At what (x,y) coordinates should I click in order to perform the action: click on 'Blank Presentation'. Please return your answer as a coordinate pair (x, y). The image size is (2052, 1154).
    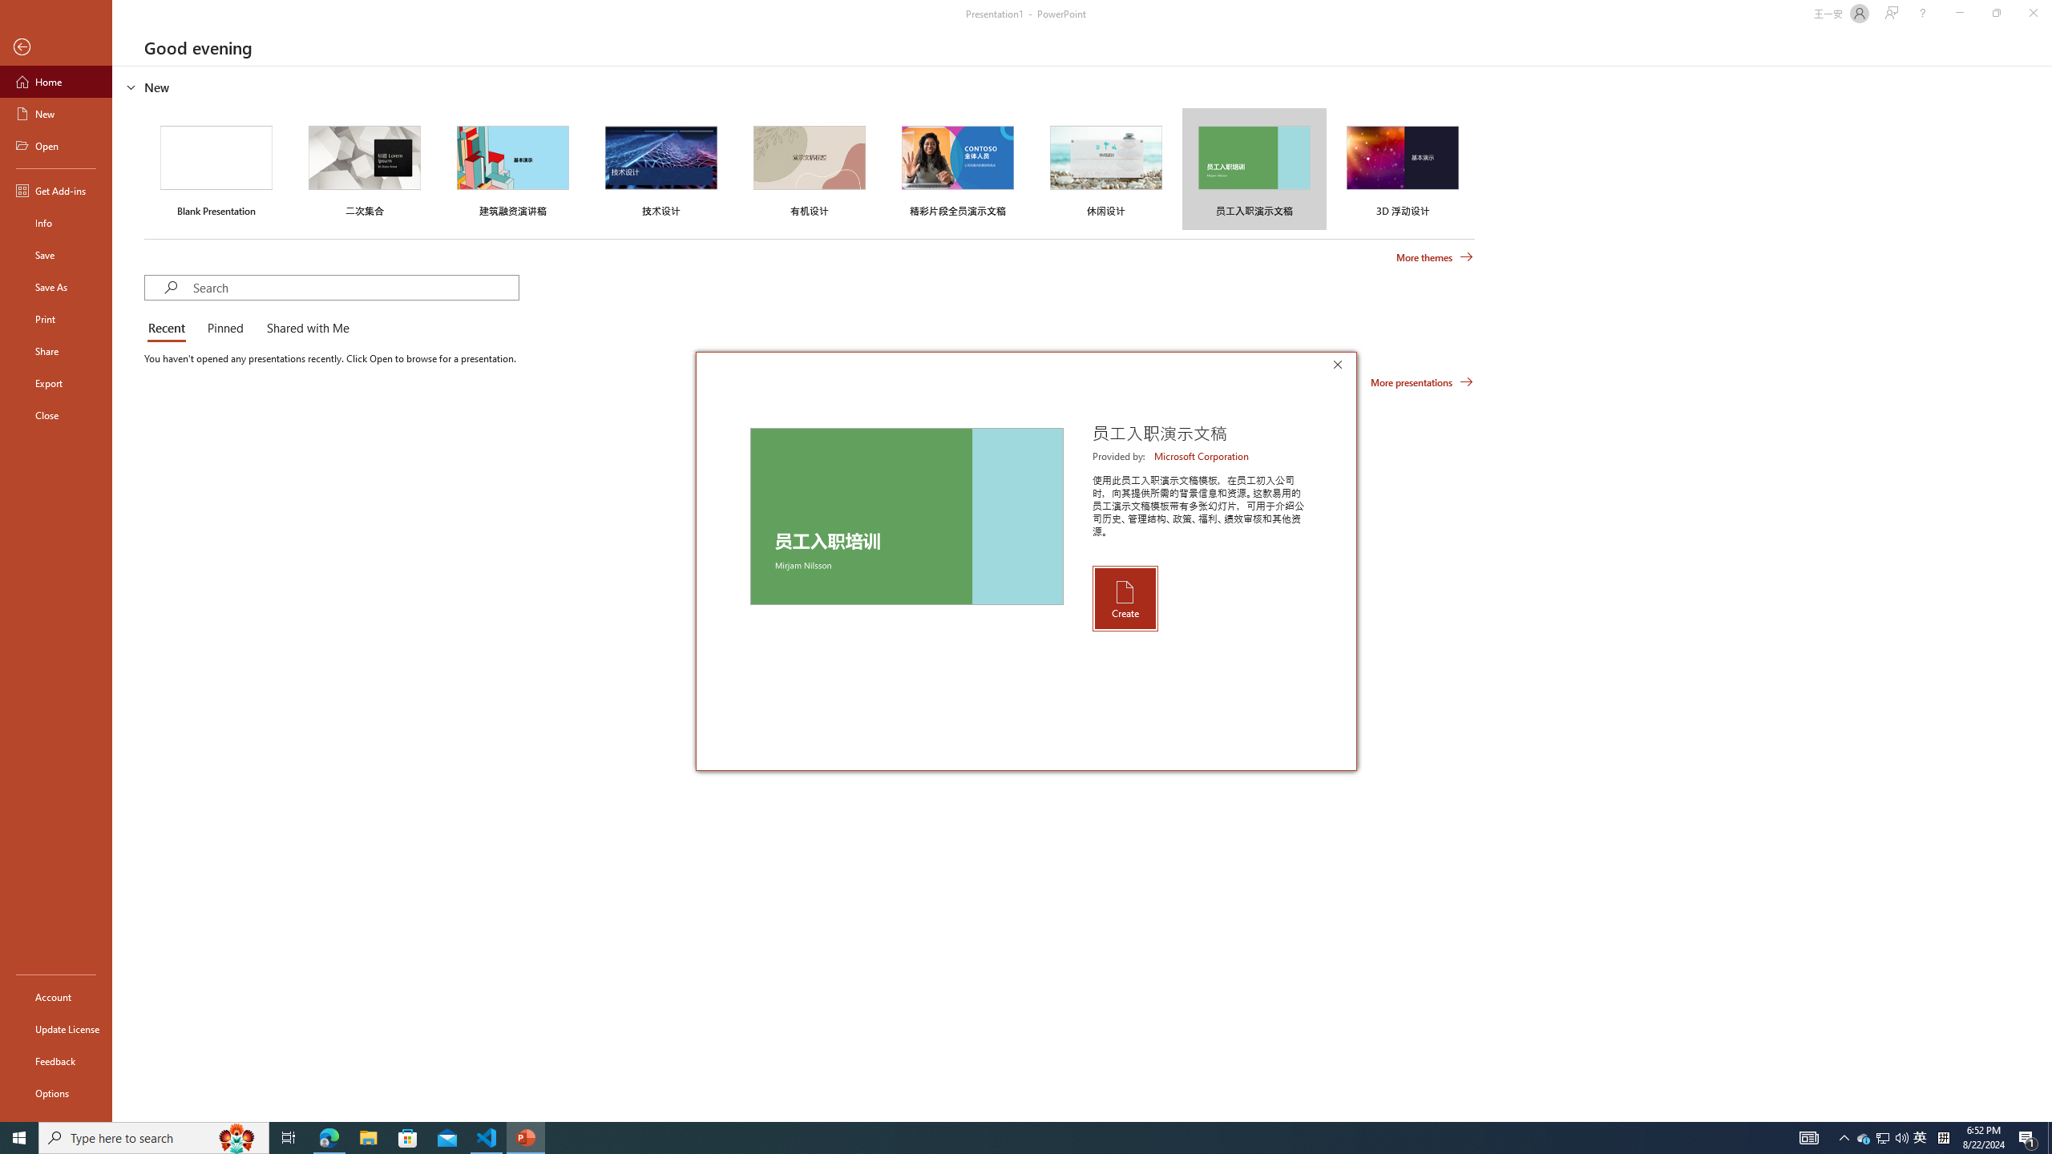
    Looking at the image, I should click on (216, 168).